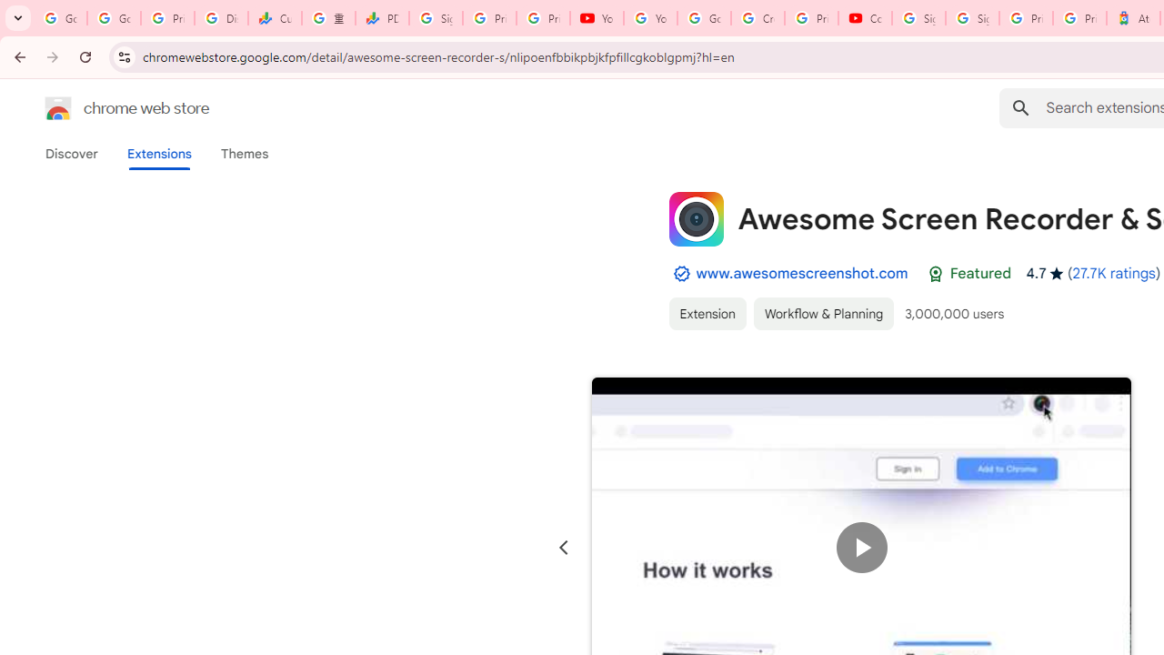 This screenshot has height=655, width=1164. Describe the element at coordinates (758, 18) in the screenshot. I see `'Create your Google Account'` at that location.